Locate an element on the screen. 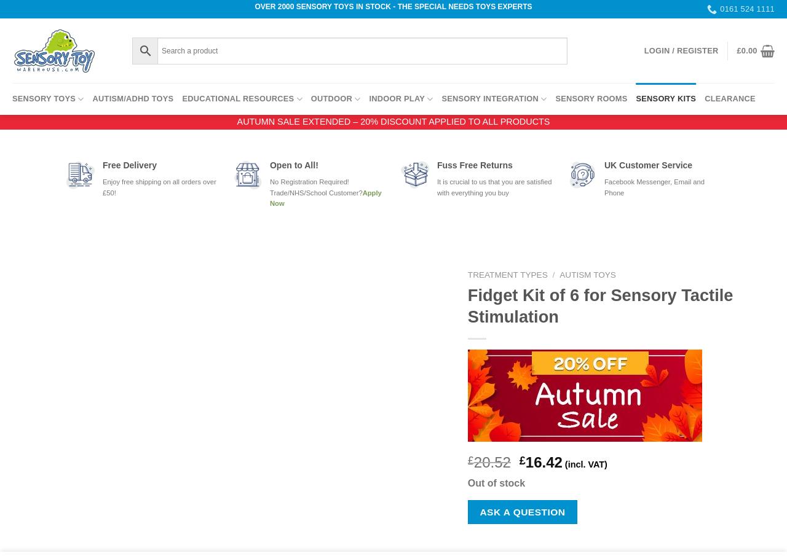 This screenshot has width=787, height=556. 'Autism/ADHD Toys' is located at coordinates (92, 98).